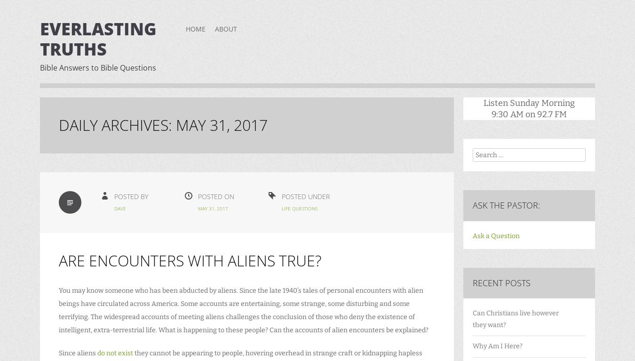  What do you see at coordinates (117, 125) in the screenshot?
I see `'Daily Archives:'` at bounding box center [117, 125].